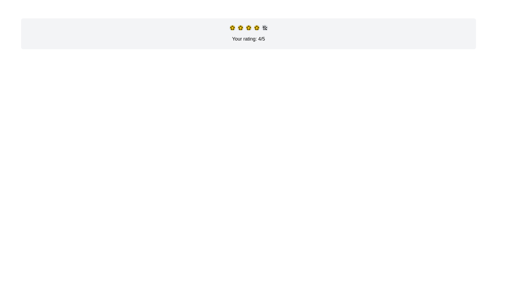  What do you see at coordinates (232, 28) in the screenshot?
I see `the second star icon in the star rating component, which symbolizes a two-star rating in the rating system` at bounding box center [232, 28].